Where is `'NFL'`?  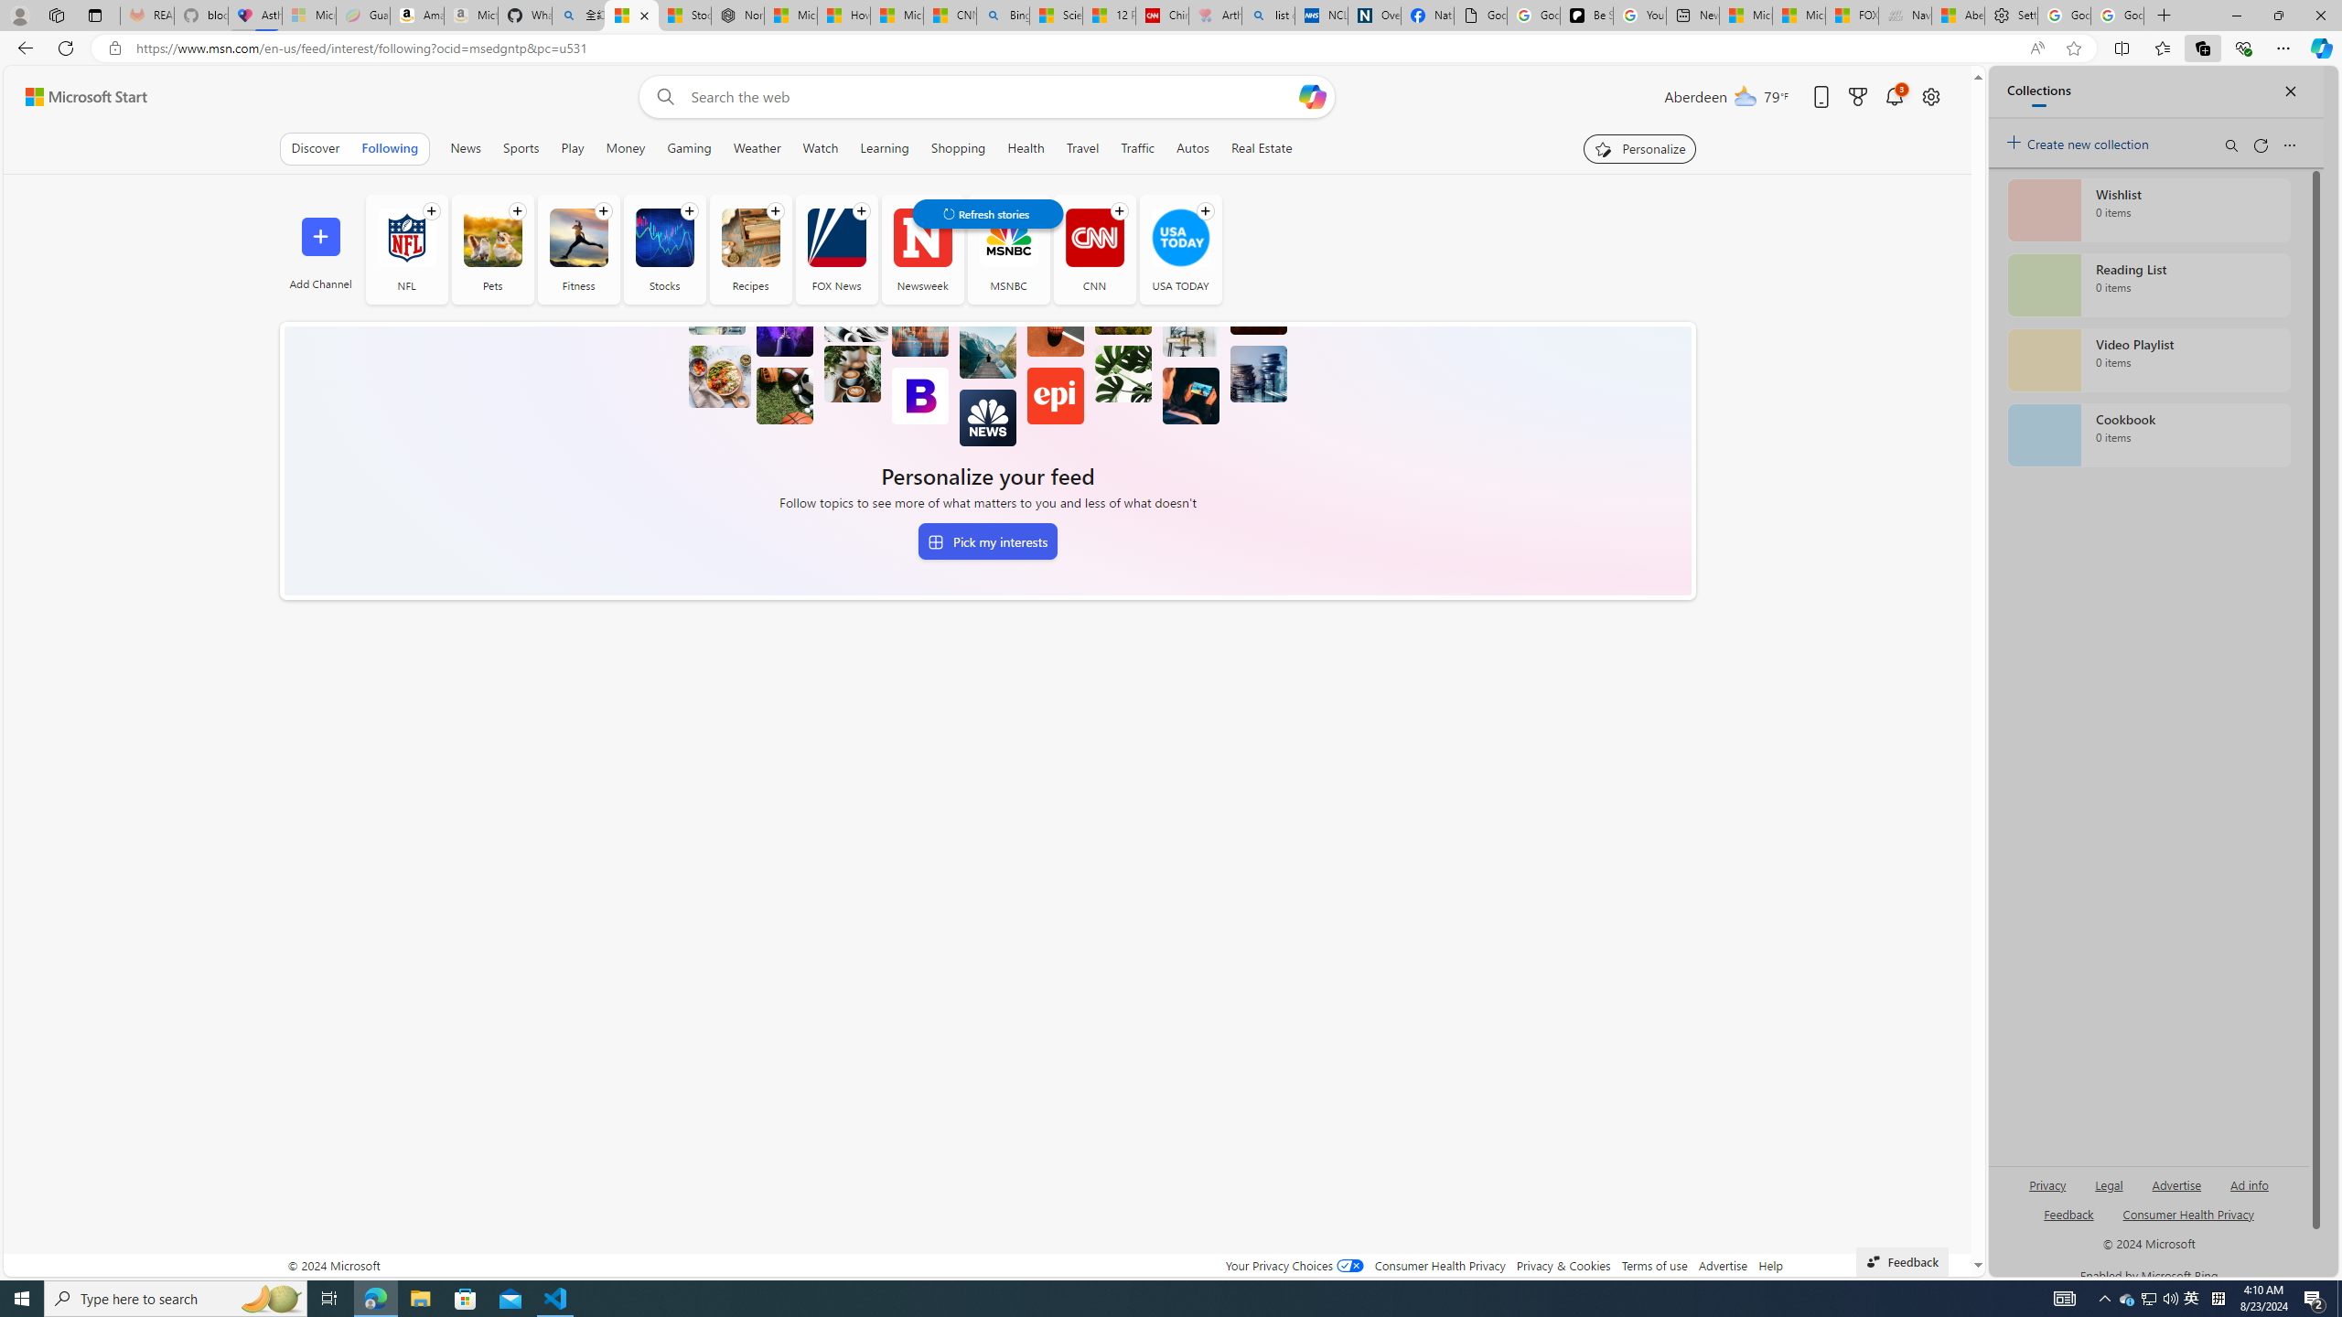
'NFL' is located at coordinates (406, 236).